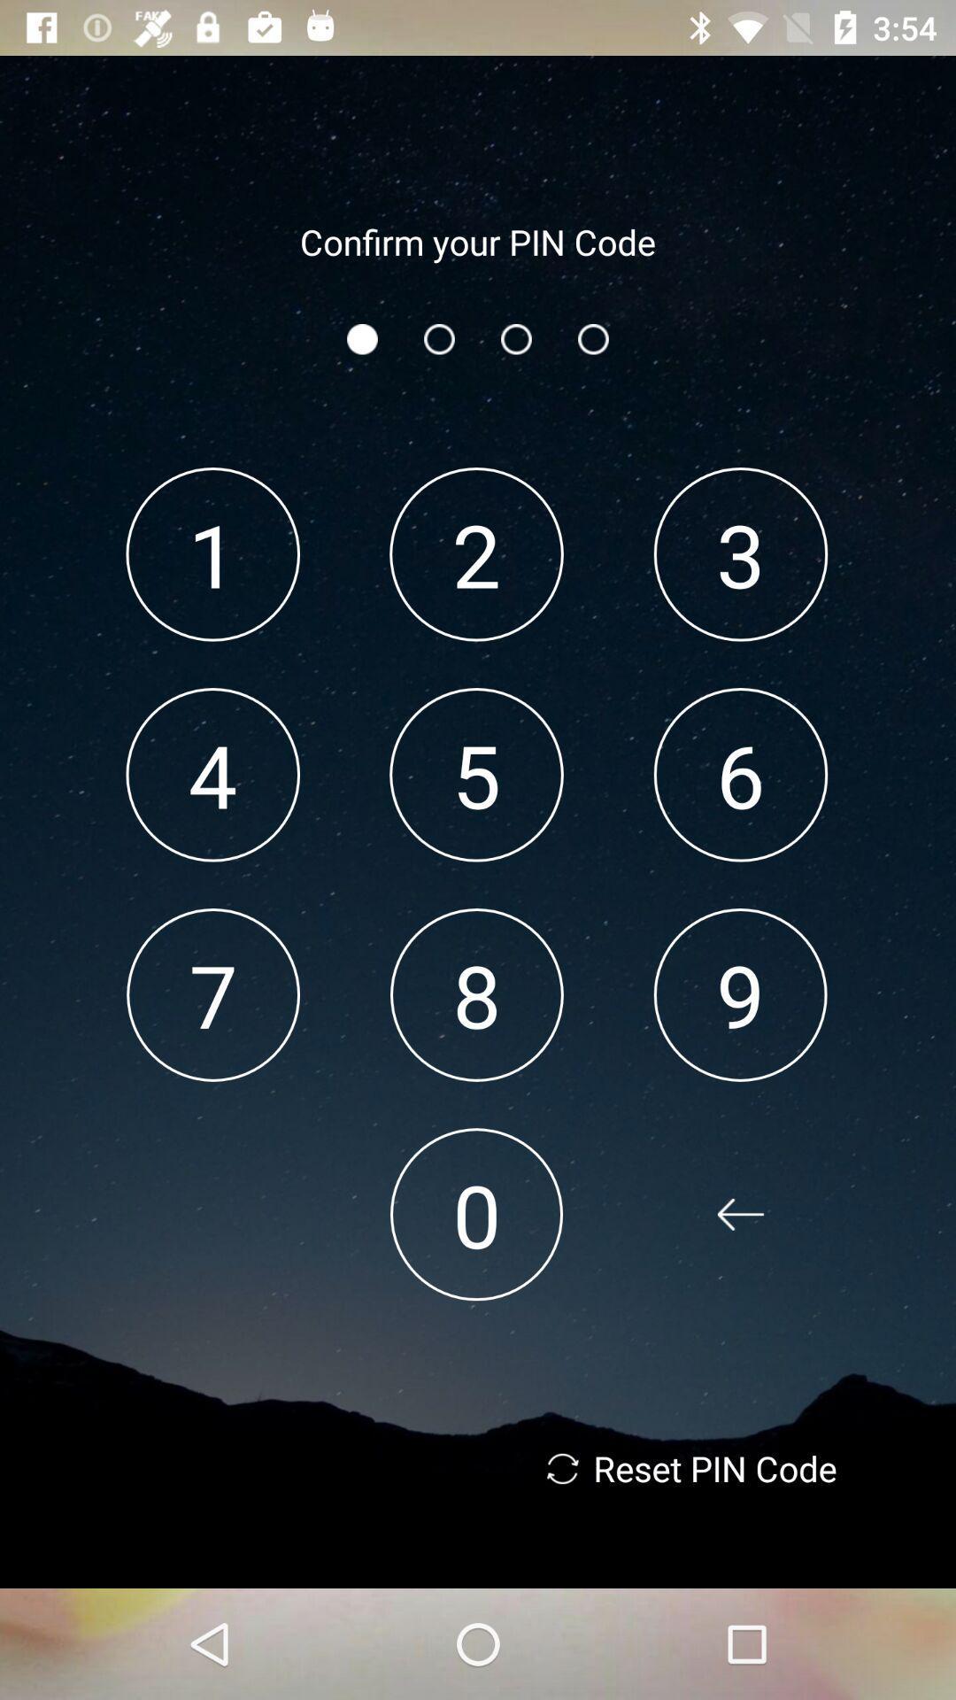 The height and width of the screenshot is (1700, 956). Describe the element at coordinates (475, 775) in the screenshot. I see `5 app` at that location.